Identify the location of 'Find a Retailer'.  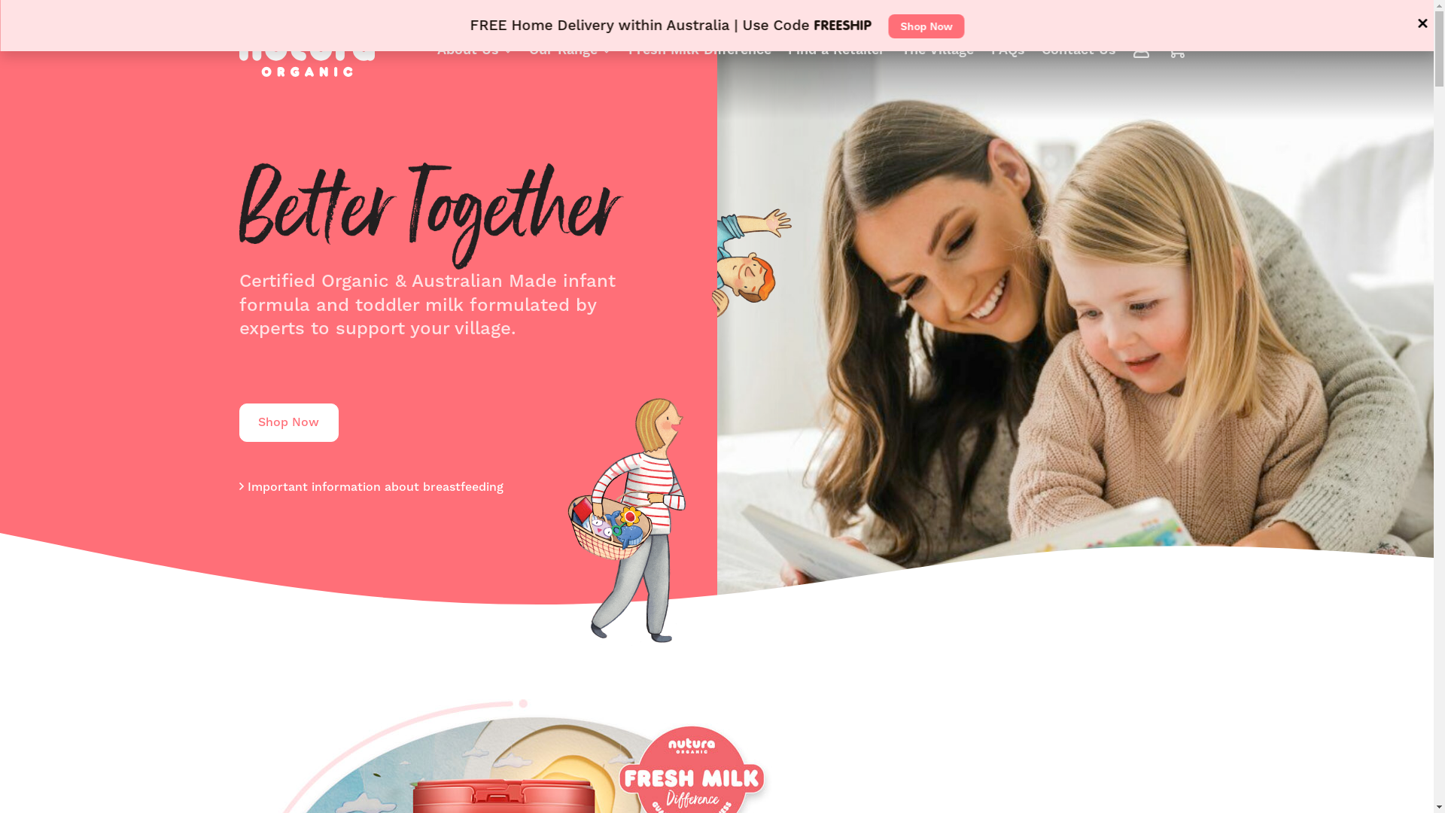
(835, 48).